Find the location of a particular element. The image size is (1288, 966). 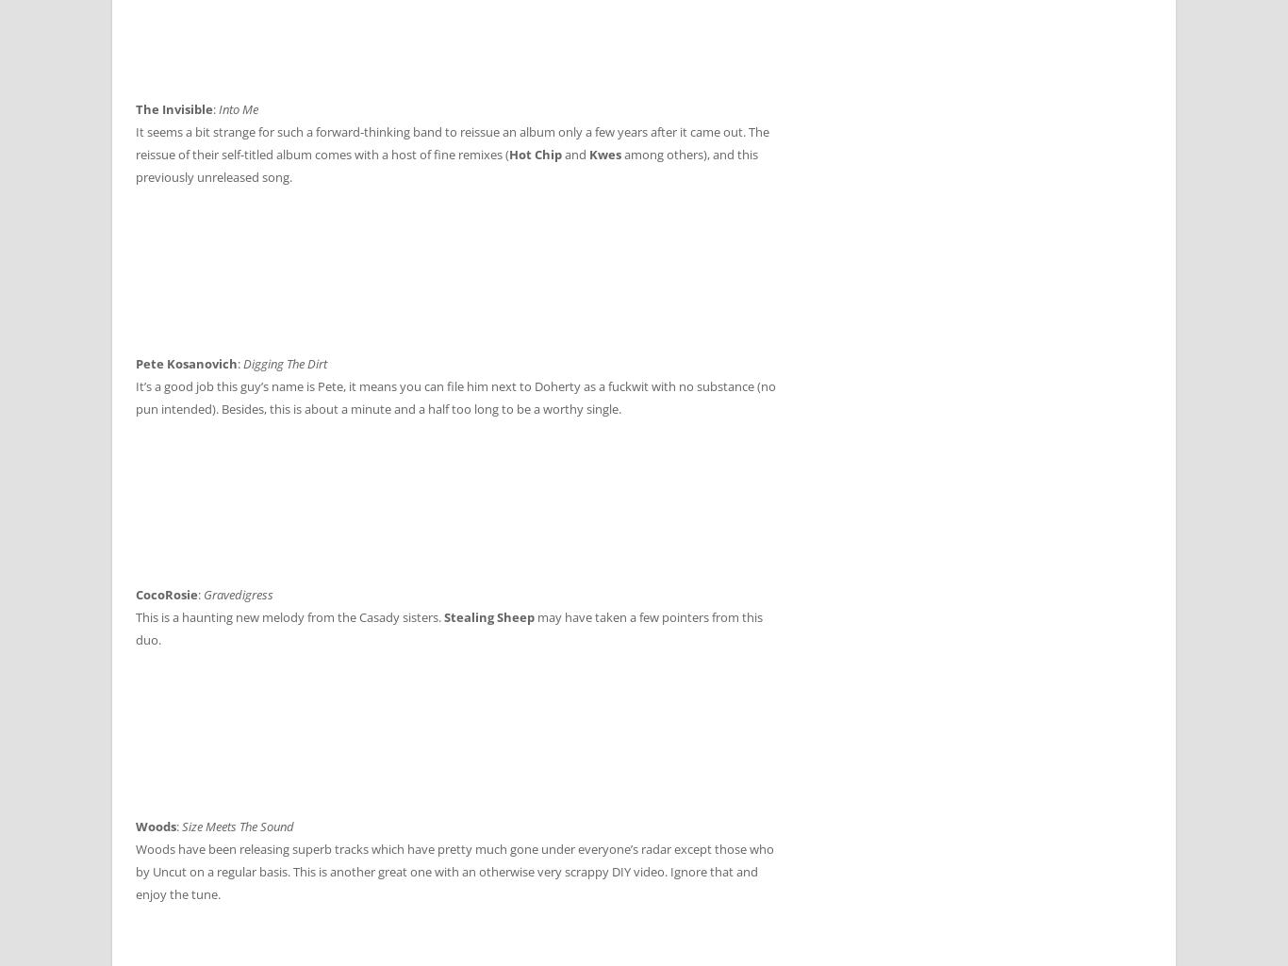

'Gravedigress' is located at coordinates (202, 593).